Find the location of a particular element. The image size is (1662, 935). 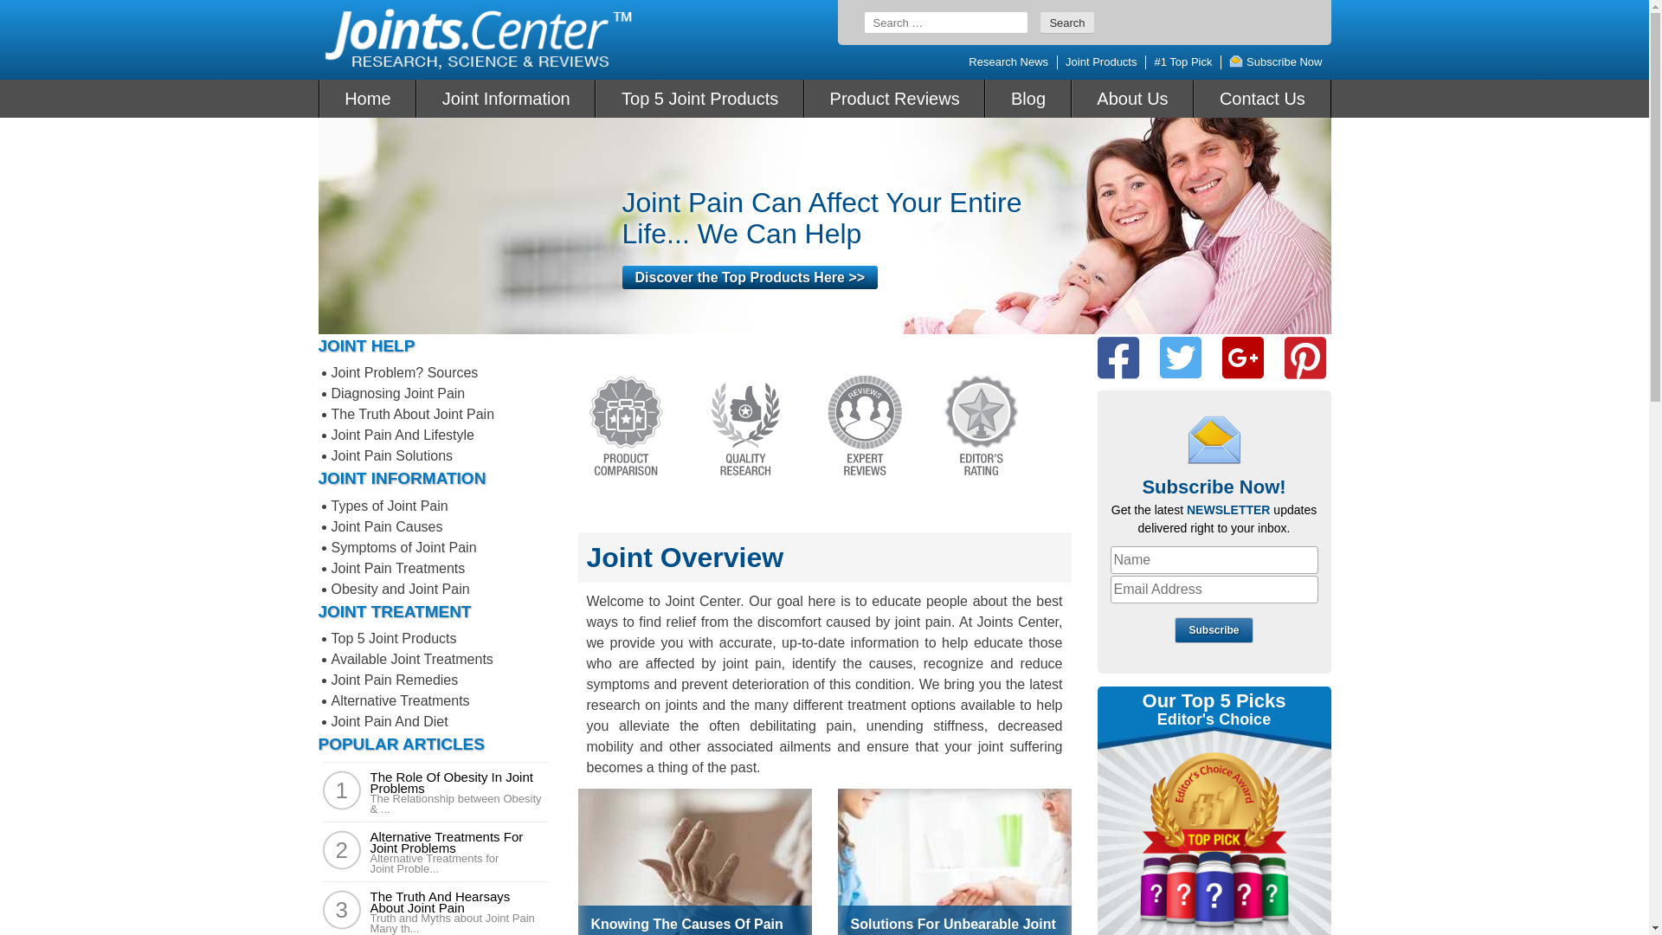

'Product Reviews' is located at coordinates (803, 99).